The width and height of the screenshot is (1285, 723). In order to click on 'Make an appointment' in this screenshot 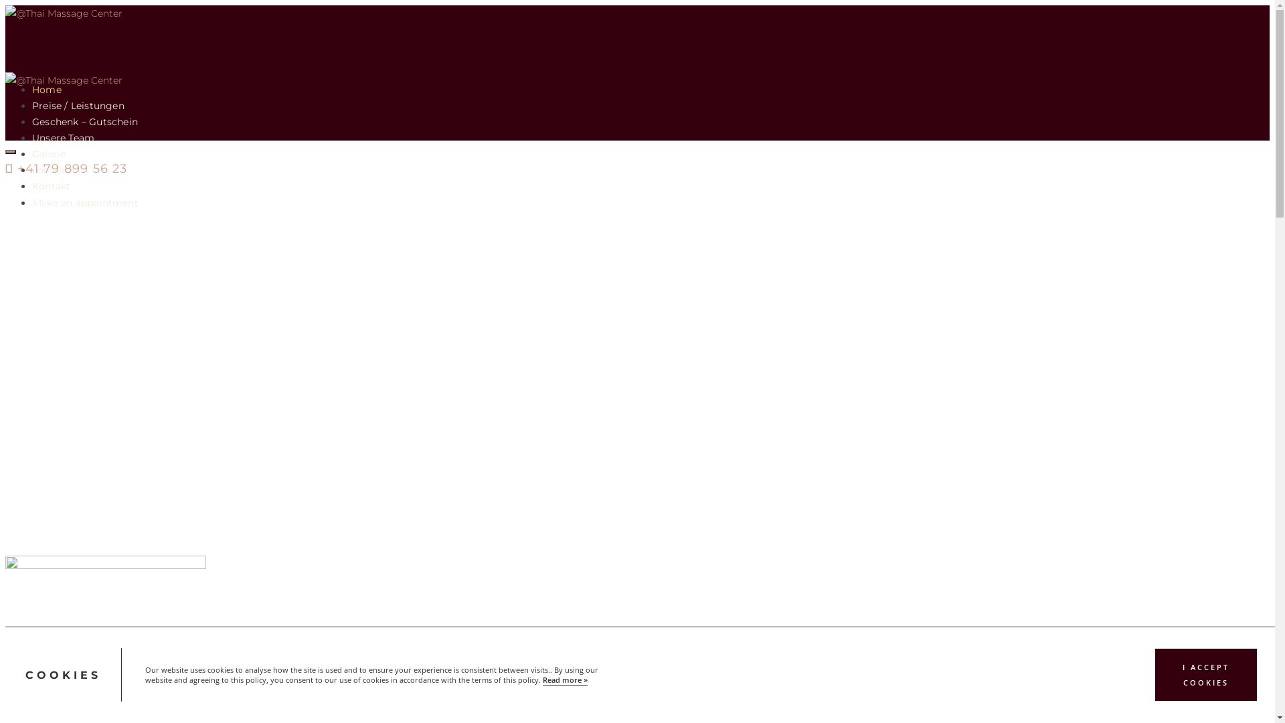, I will do `click(85, 203)`.